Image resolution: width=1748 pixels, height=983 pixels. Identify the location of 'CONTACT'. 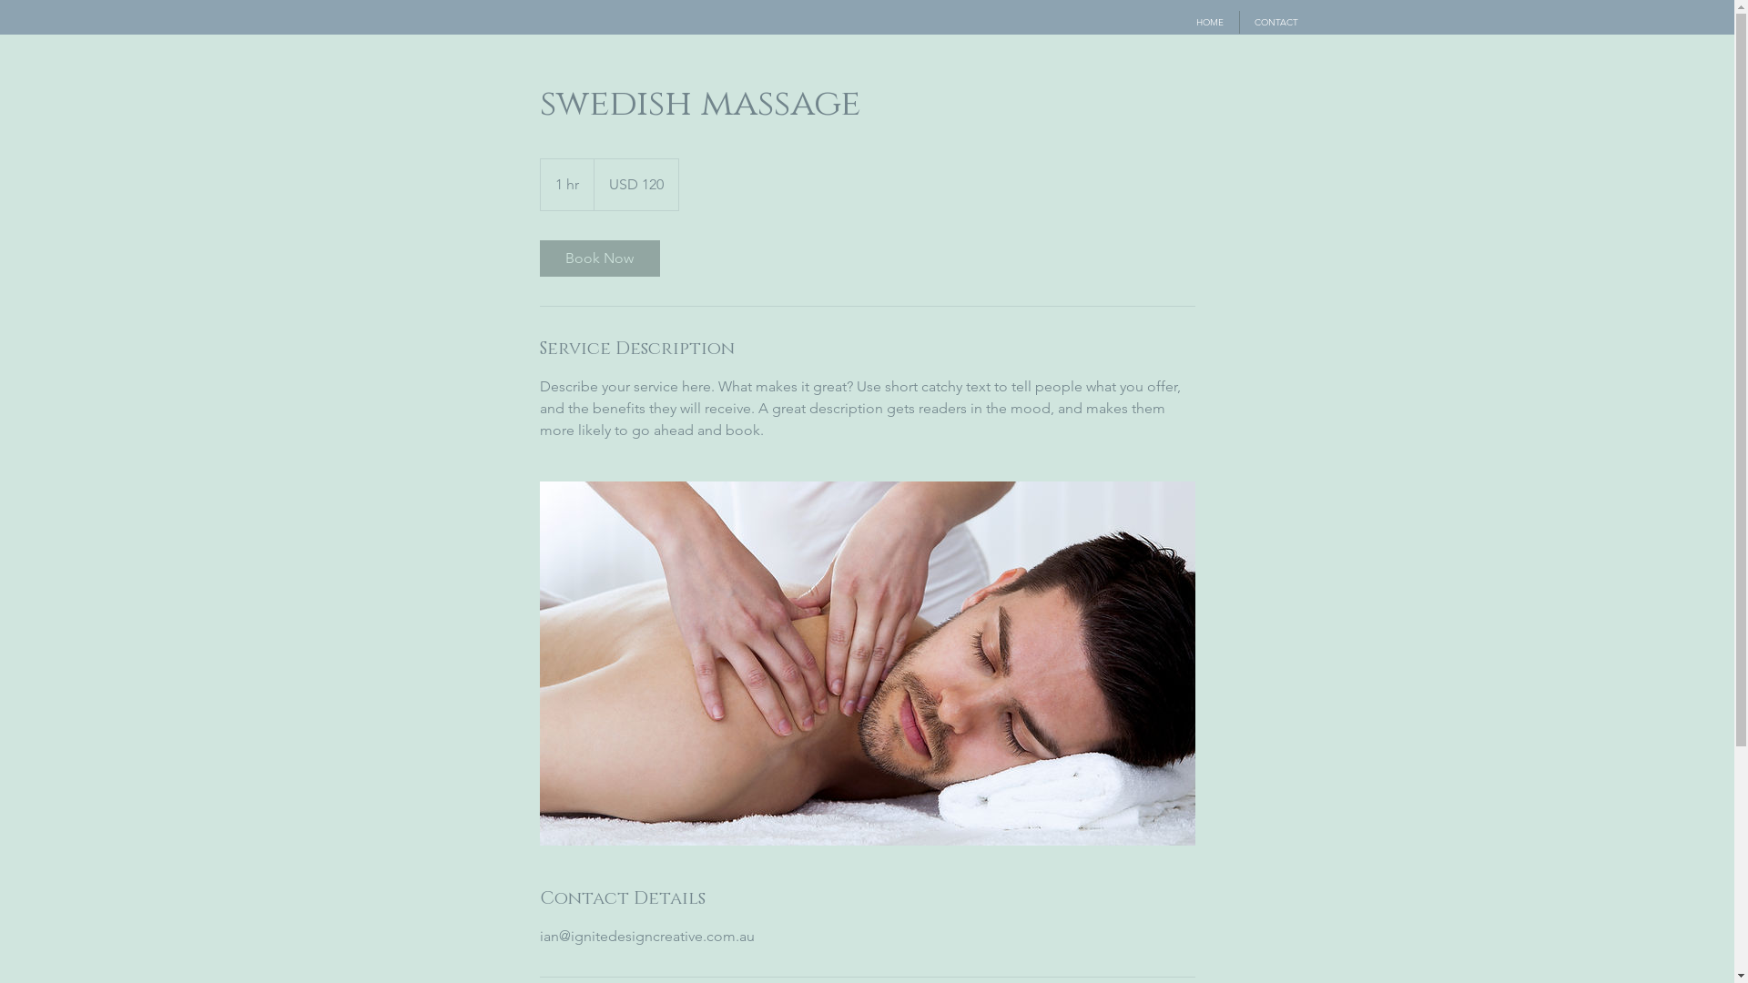
(1275, 22).